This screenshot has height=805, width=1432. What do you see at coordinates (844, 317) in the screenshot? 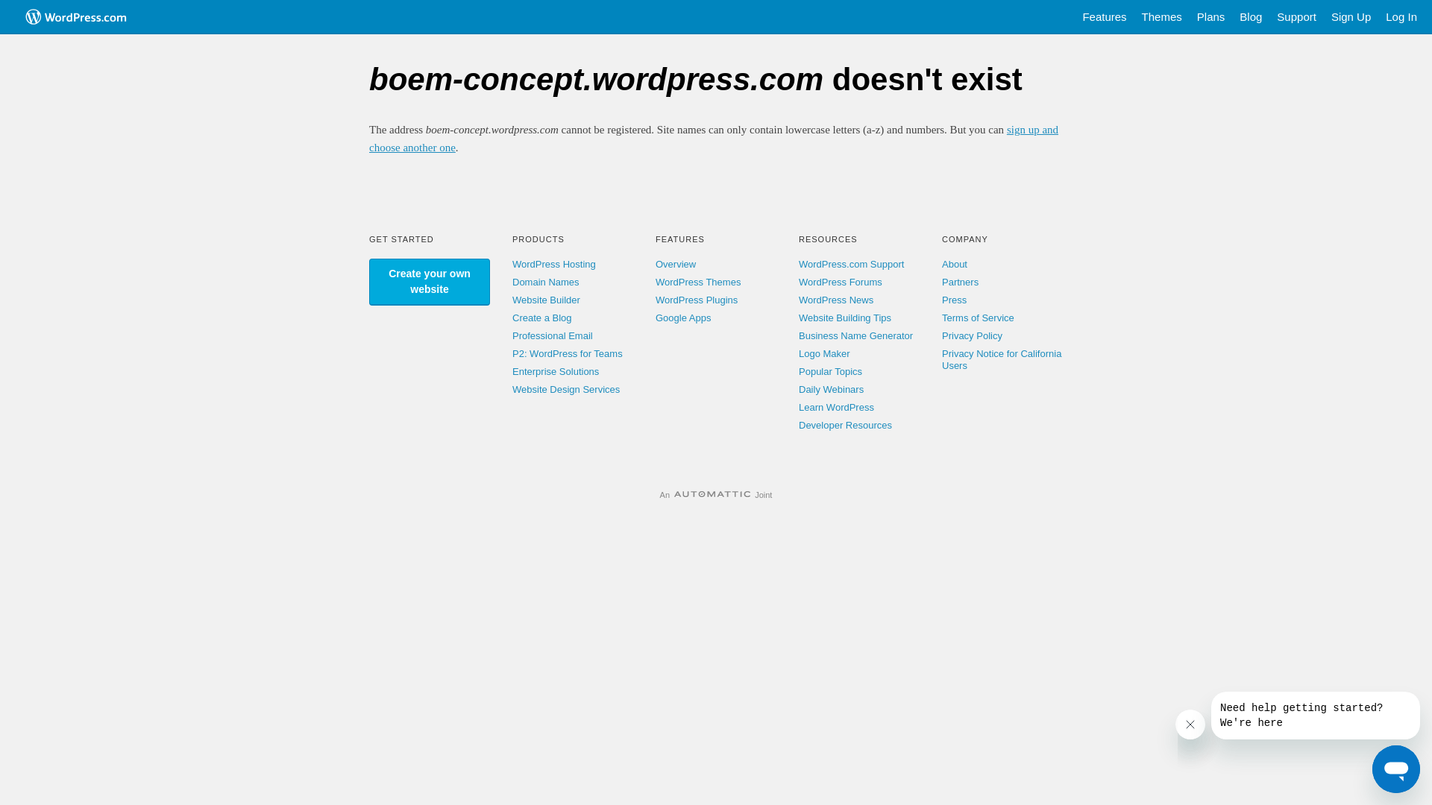
I see `'Website Building Tips'` at bounding box center [844, 317].